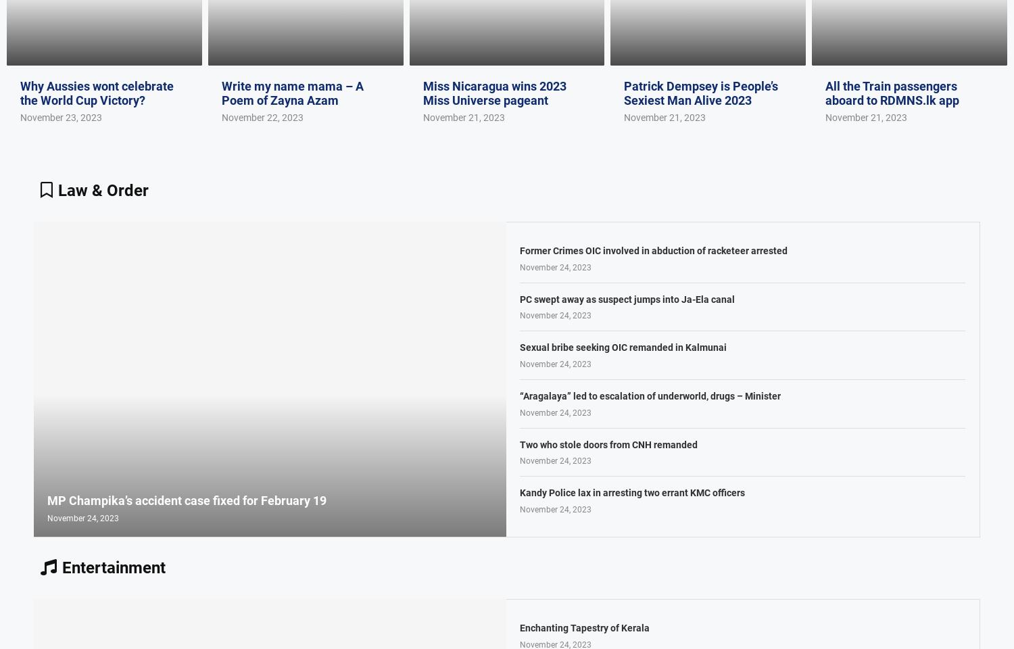  Describe the element at coordinates (262, 116) in the screenshot. I see `'November 22, 2023'` at that location.